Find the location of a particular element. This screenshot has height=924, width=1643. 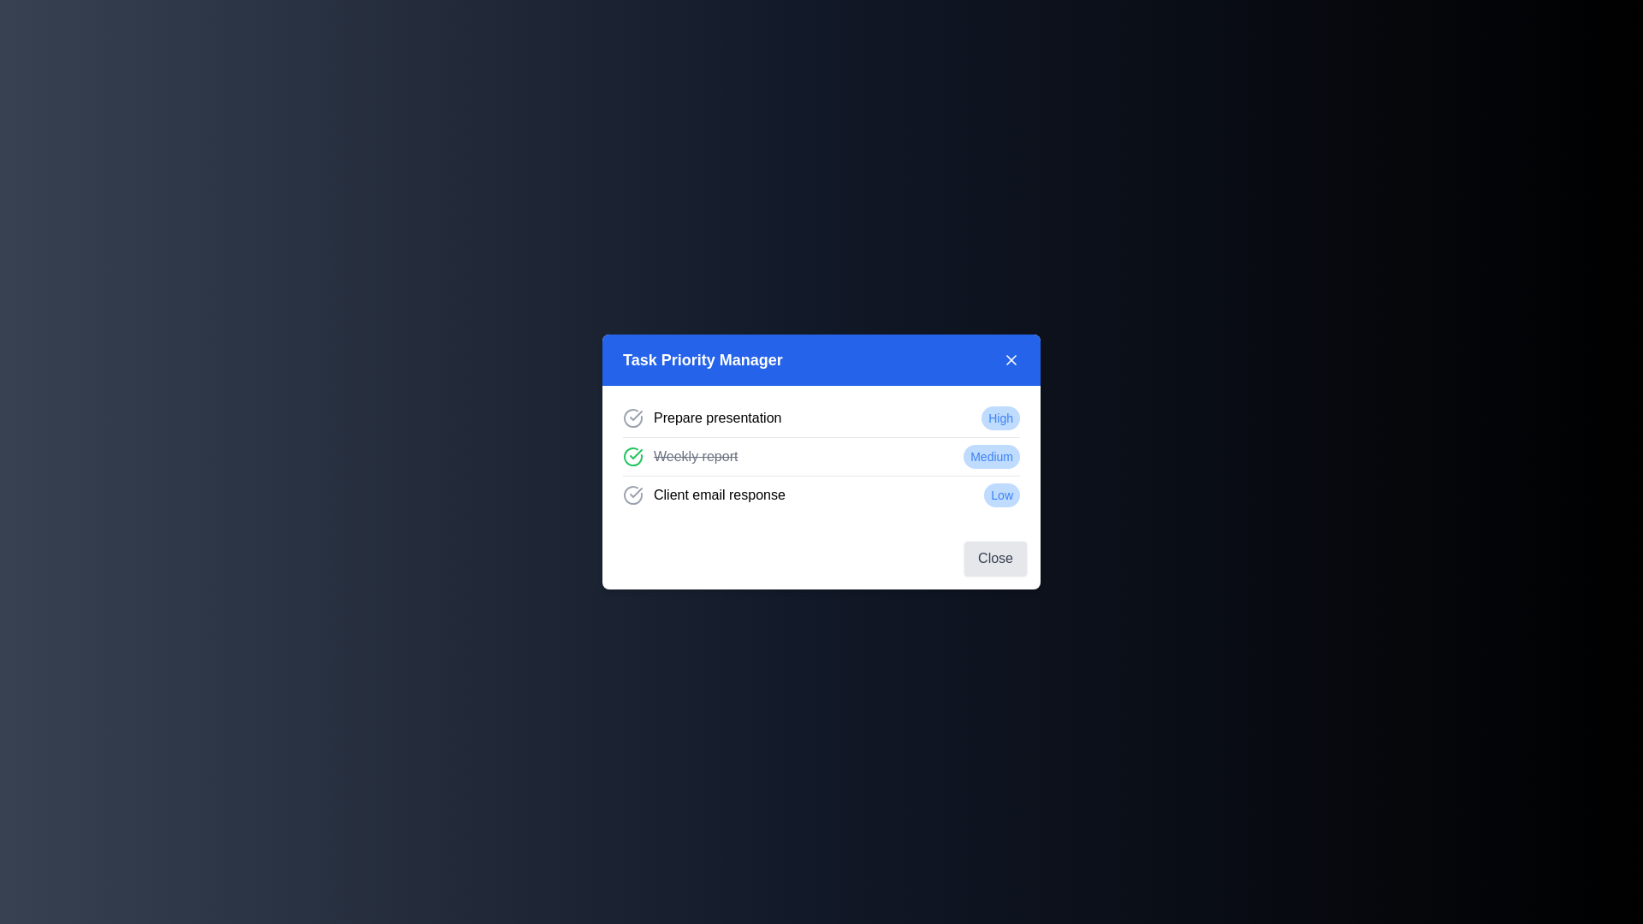

the task labeled 'Client email response', which is the third item in the task list within the modal window, aligned to the left with a priority indicator 'Low' to its right is located at coordinates (703, 495).